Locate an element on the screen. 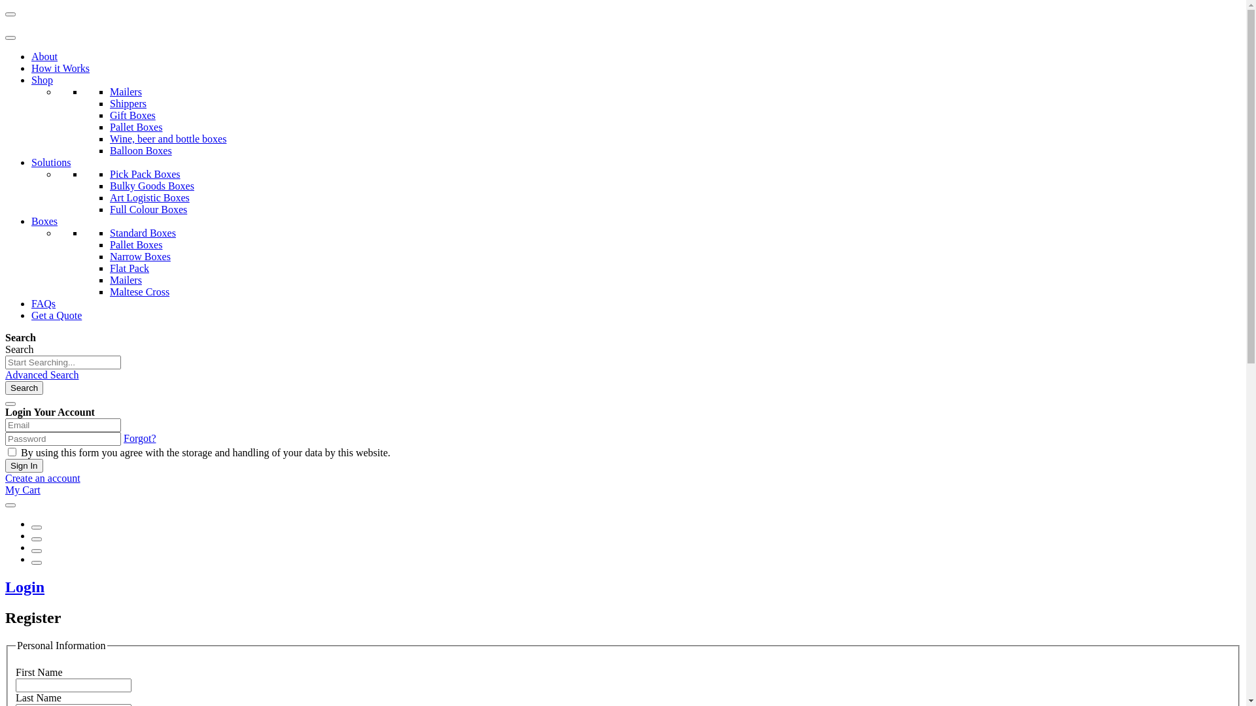  'Login' is located at coordinates (25, 586).